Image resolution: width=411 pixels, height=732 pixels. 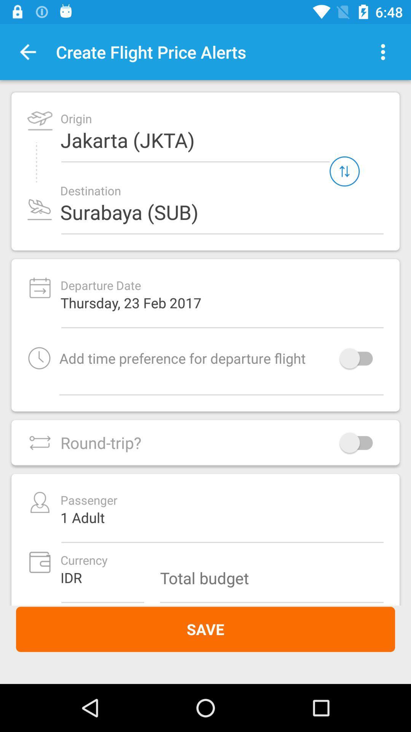 What do you see at coordinates (360, 358) in the screenshot?
I see `turn on` at bounding box center [360, 358].